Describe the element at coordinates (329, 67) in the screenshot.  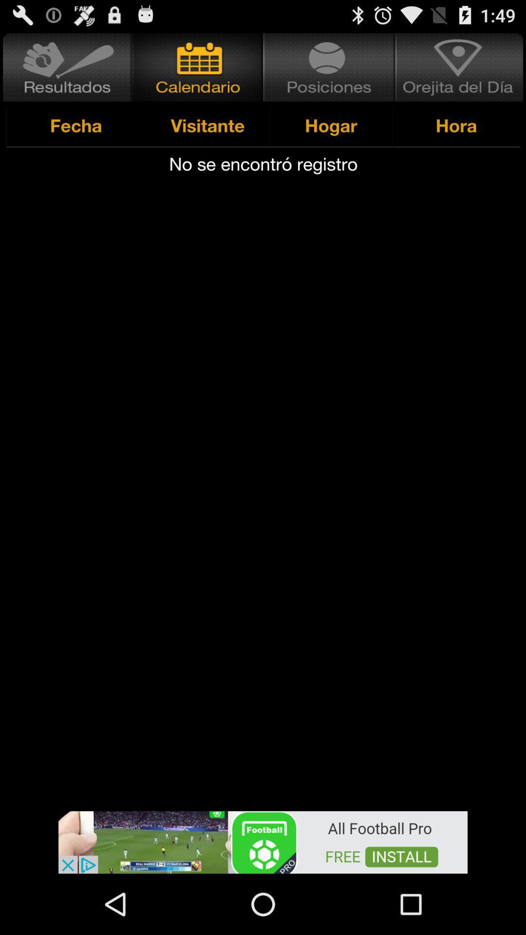
I see `posiciones` at that location.